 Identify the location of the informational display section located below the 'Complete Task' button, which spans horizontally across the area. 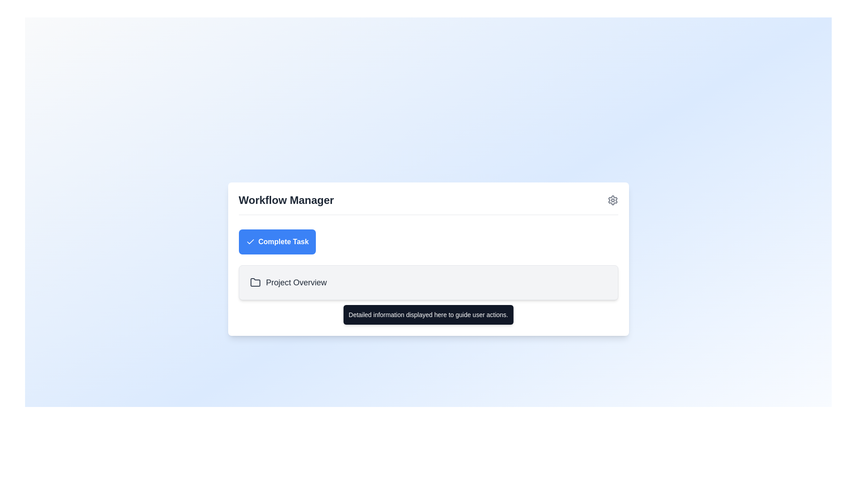
(428, 282).